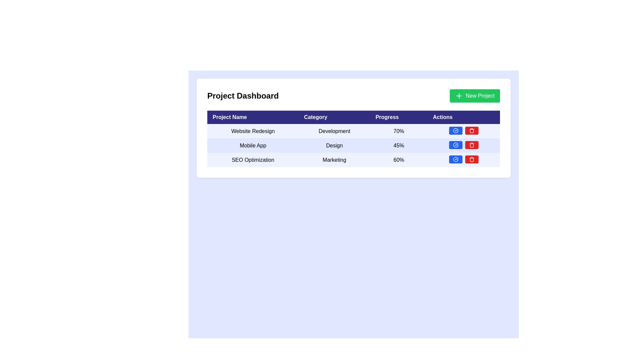 This screenshot has width=643, height=361. Describe the element at coordinates (471, 145) in the screenshot. I see `the trash can icon inside the button in the 'Actions' column of the second row in the 'Project Dashboard' data table` at that location.